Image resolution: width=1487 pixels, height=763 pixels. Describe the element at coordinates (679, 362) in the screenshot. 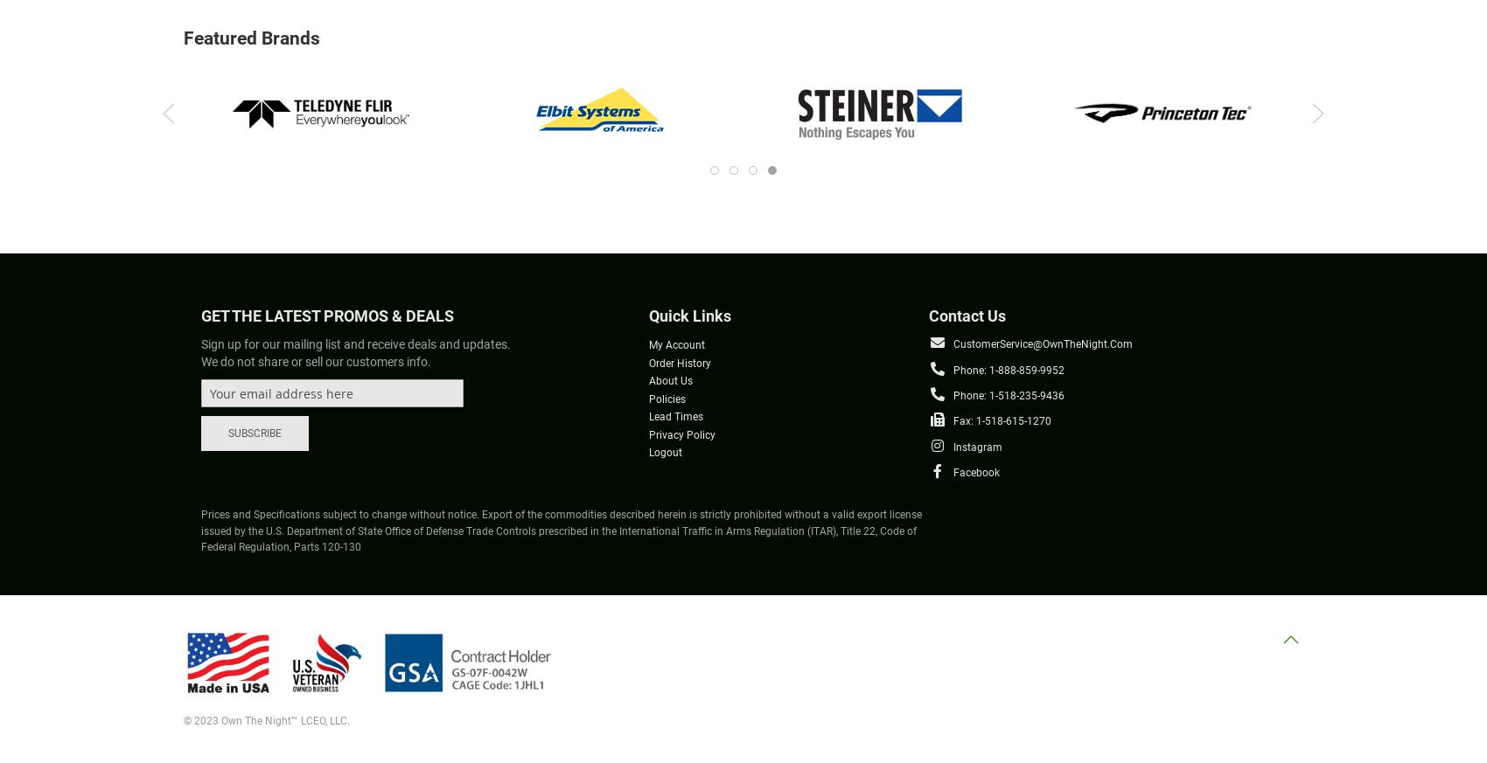

I see `'Order History'` at that location.